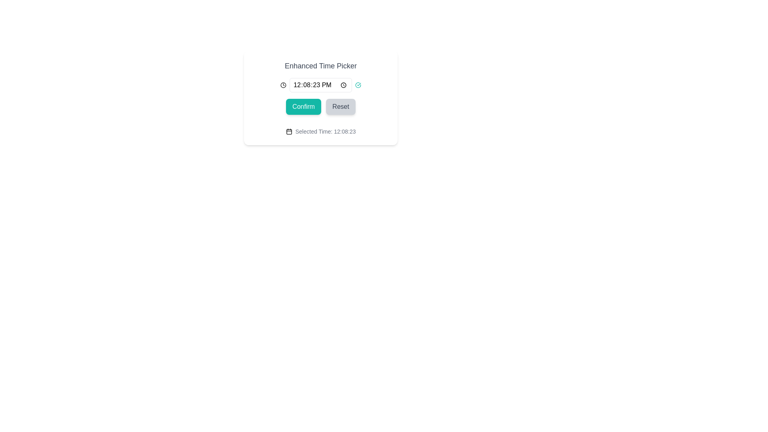 This screenshot has width=768, height=432. Describe the element at coordinates (320, 85) in the screenshot. I see `the Time input field located in the time picker interface, positioned between the clock icon and the confirmation checkmark icon, by using the tab key` at that location.